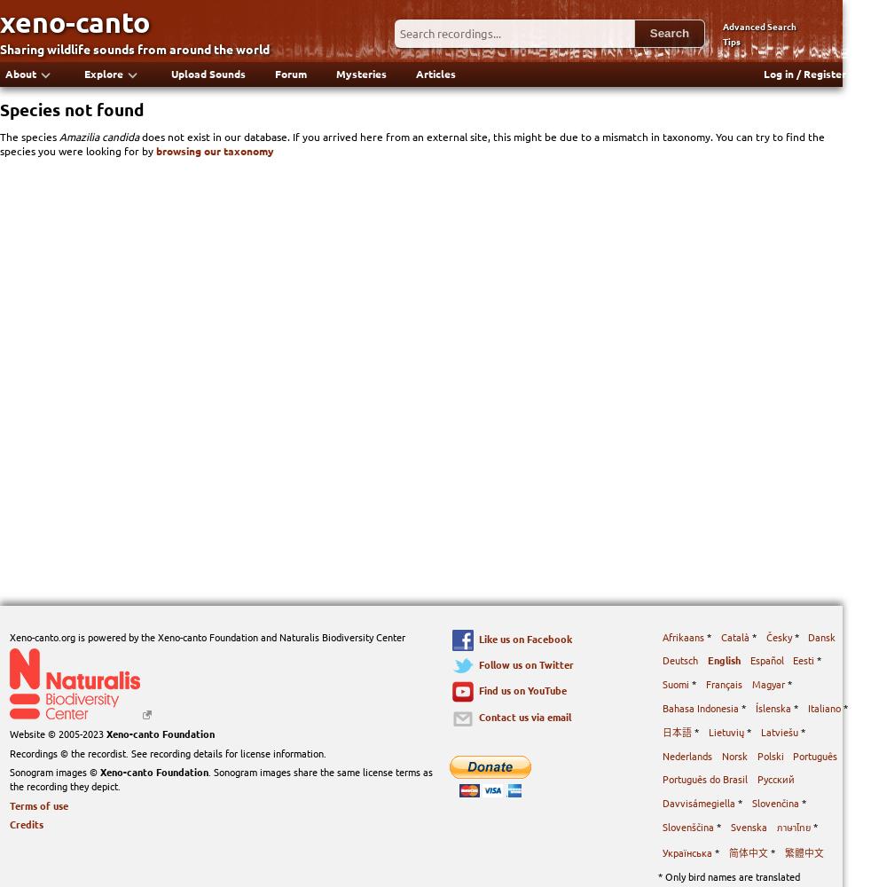 The image size is (871, 887). I want to click on '. Sonogram images share the same license terms as the recording they depict.', so click(220, 779).